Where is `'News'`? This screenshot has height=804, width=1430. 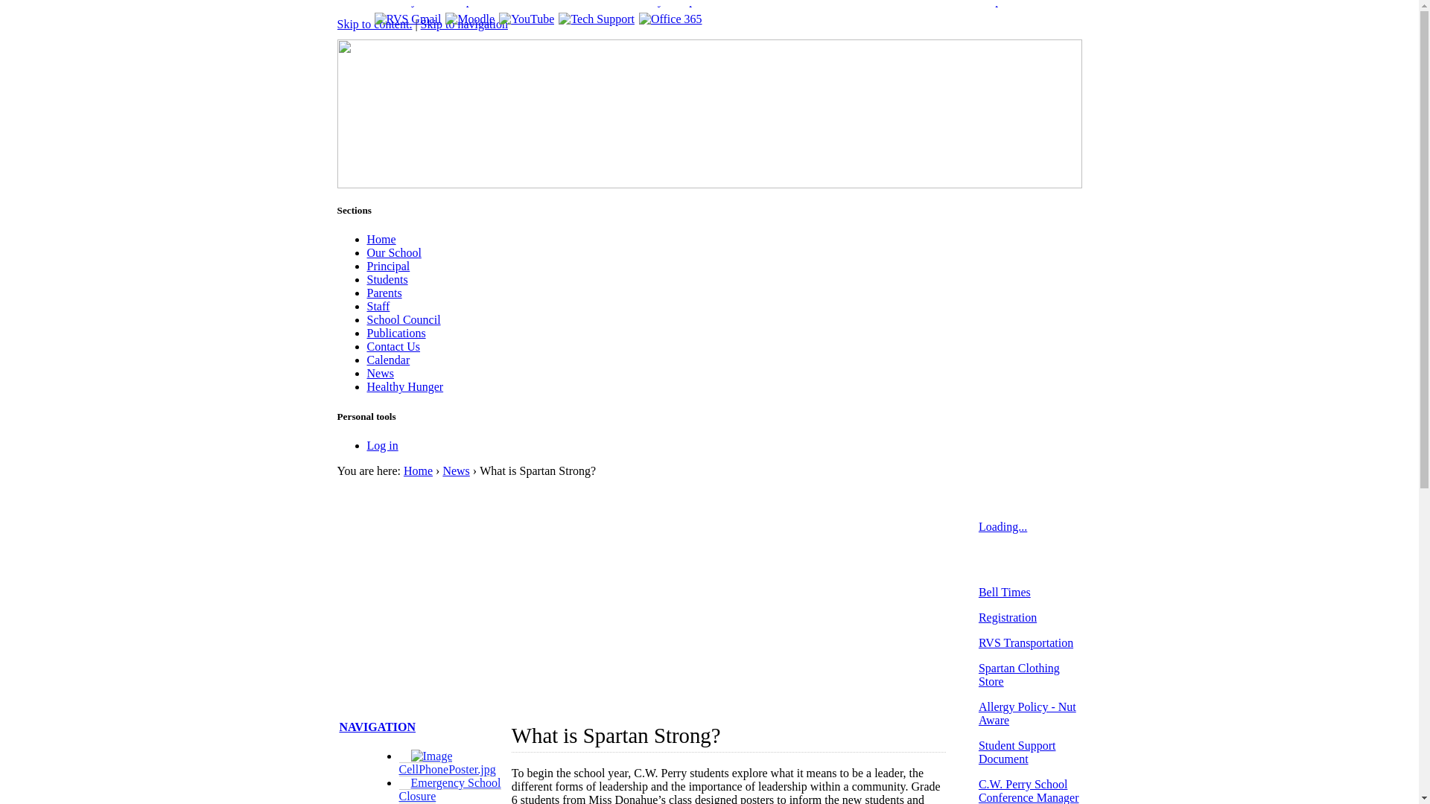 'News' is located at coordinates (454, 470).